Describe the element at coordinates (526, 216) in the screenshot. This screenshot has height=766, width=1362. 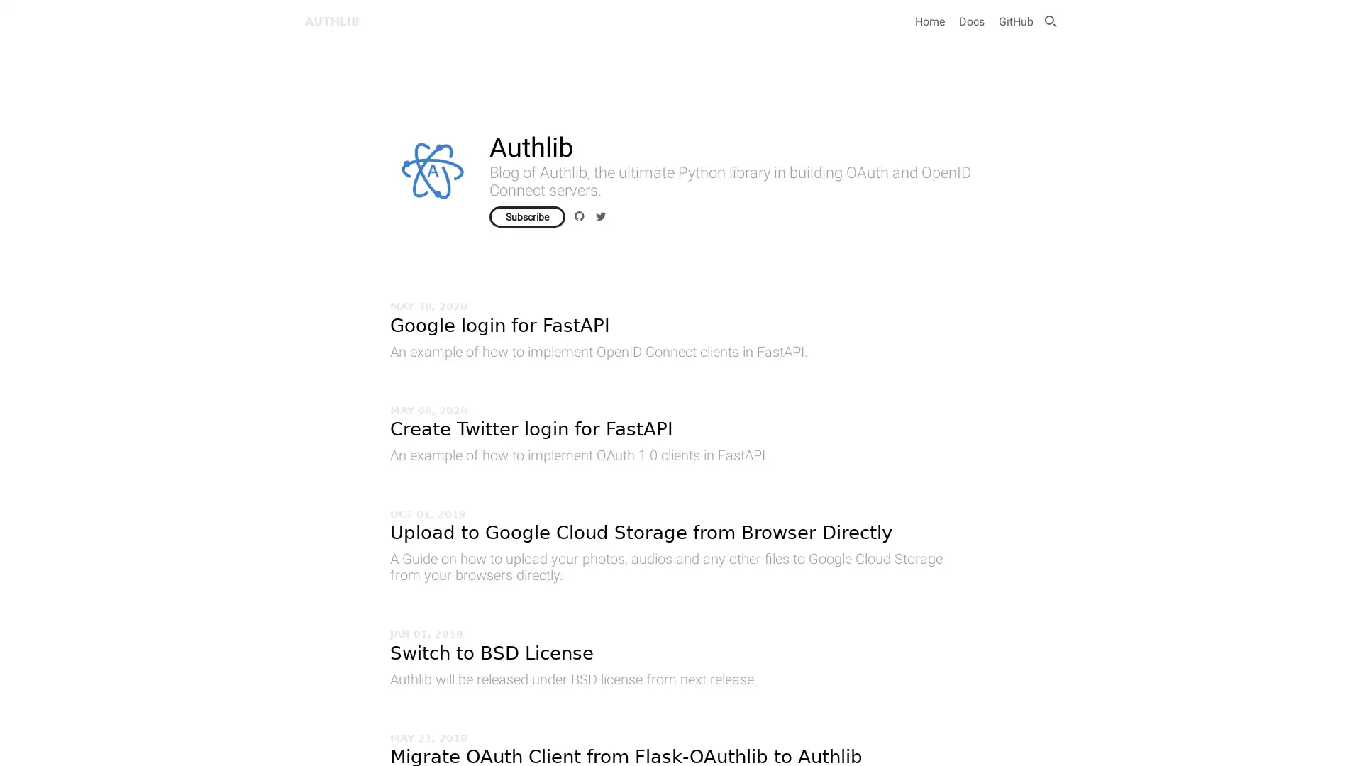
I see `Subscribe` at that location.